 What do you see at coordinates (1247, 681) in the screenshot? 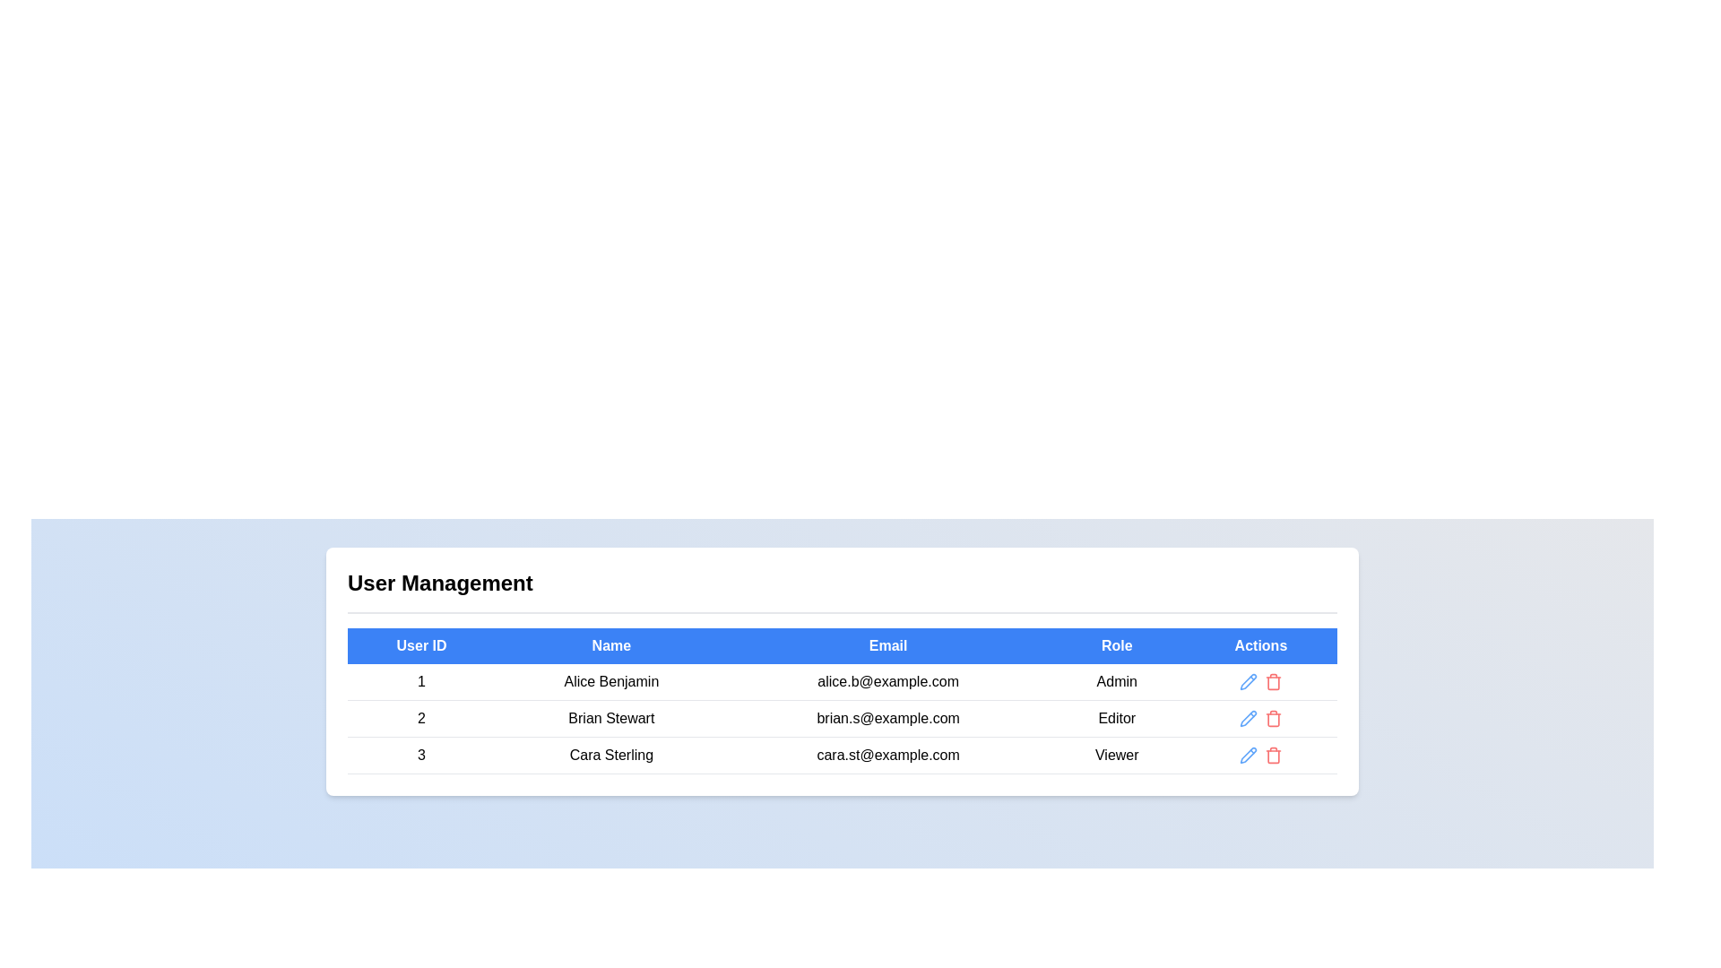
I see `the pencil icon button in the 'Actions' column of the first user's row to initiate editing the row's data` at bounding box center [1247, 681].